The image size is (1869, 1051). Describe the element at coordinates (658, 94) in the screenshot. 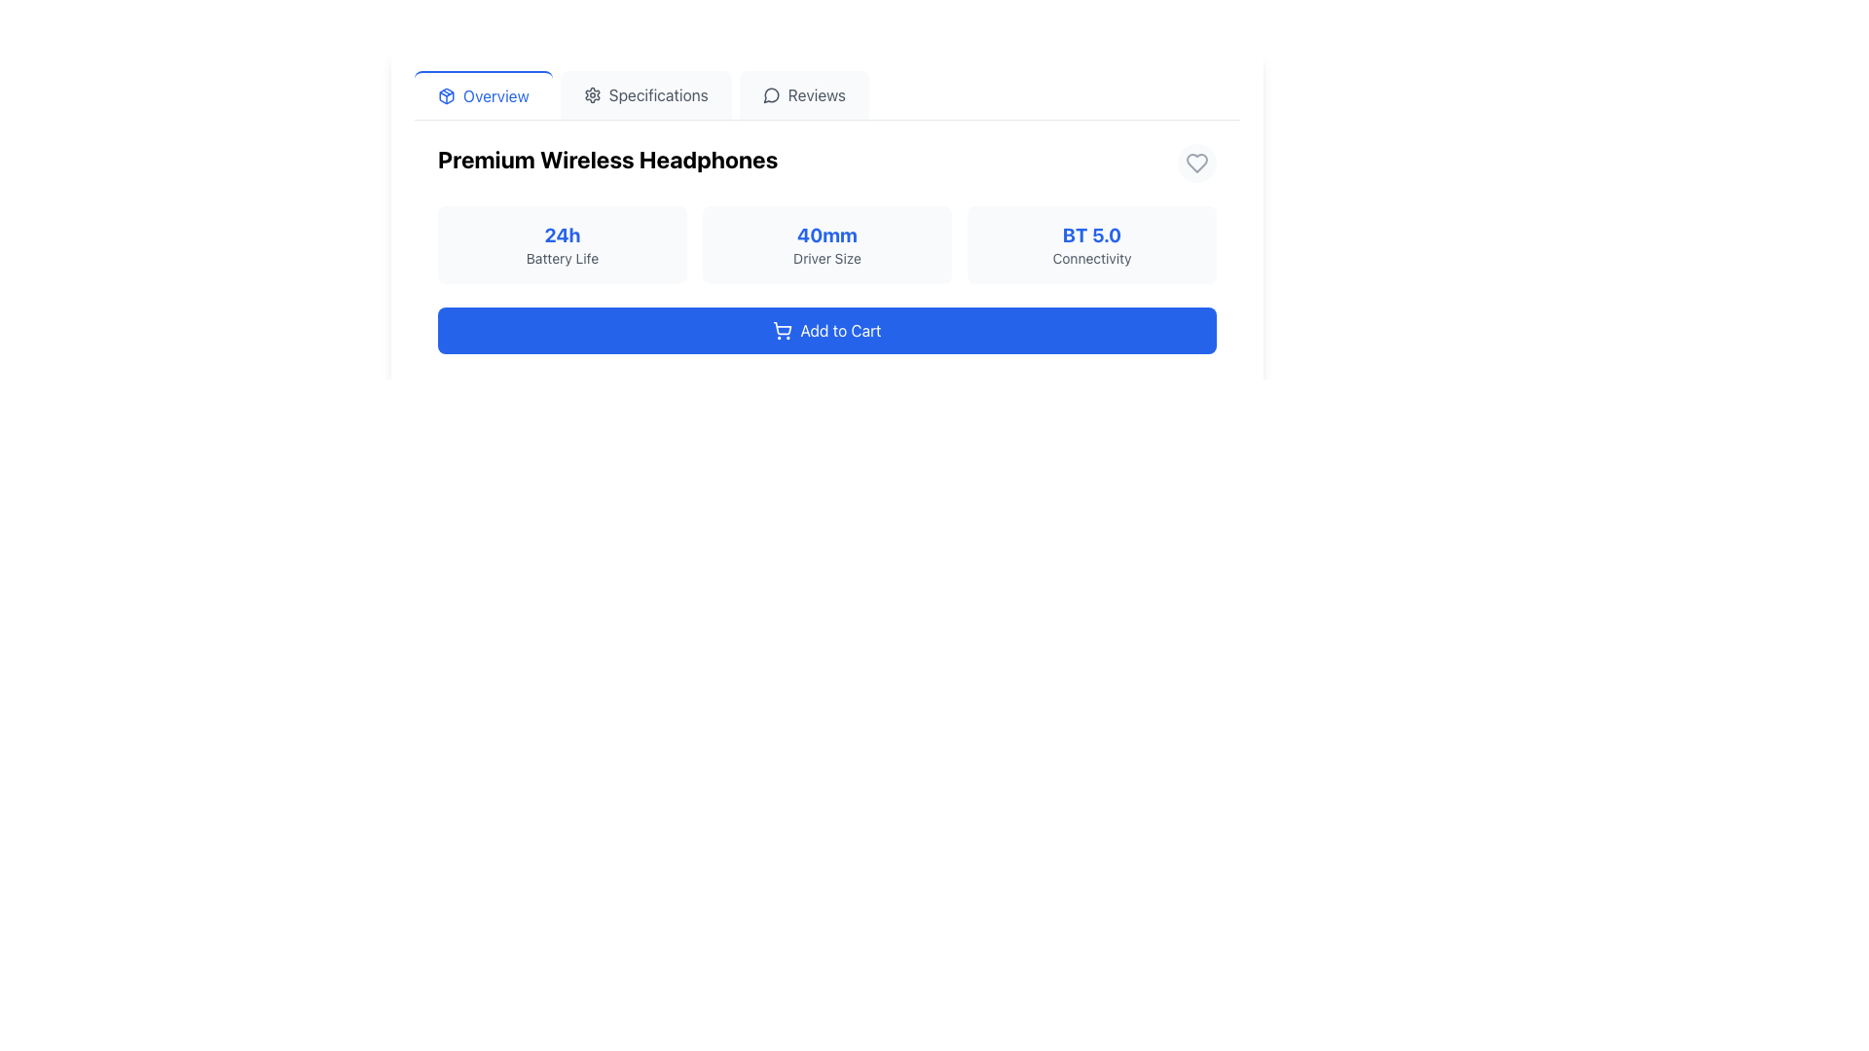

I see `the Text Label located in the navigation bar, positioned between the 'Overview' button and the 'Reviews' button` at that location.